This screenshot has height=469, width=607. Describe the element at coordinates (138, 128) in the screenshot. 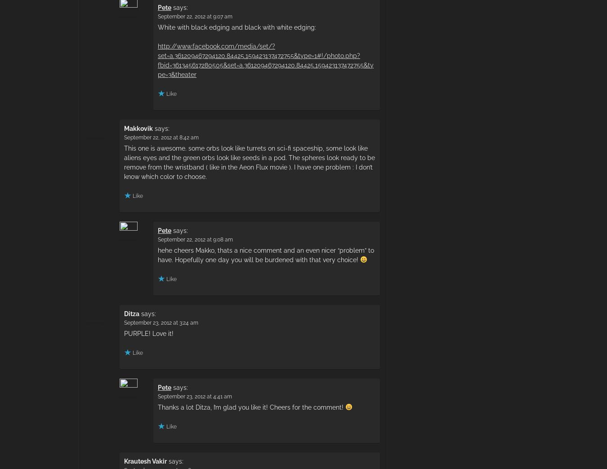

I see `'Makkovik'` at that location.